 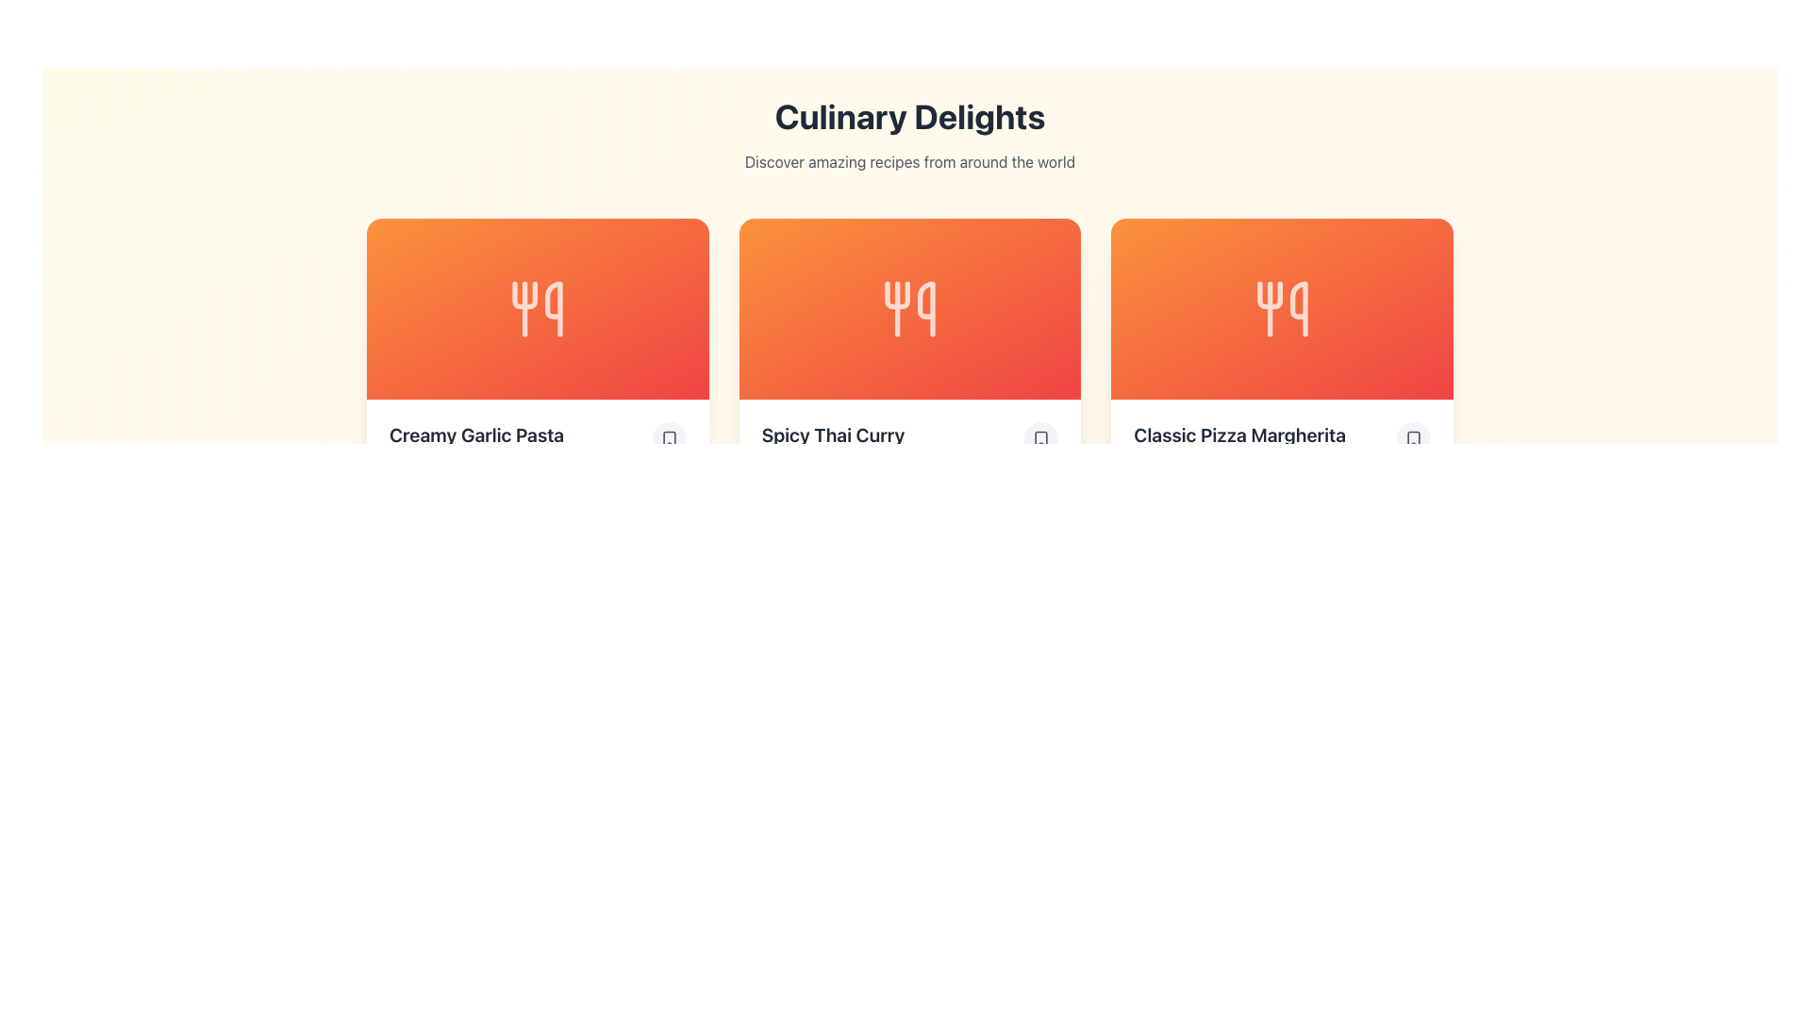 What do you see at coordinates (476, 435) in the screenshot?
I see `the text label that reads 'Creamy Garlic Pasta', which is prominently displayed in a bold, large font below an orange card` at bounding box center [476, 435].